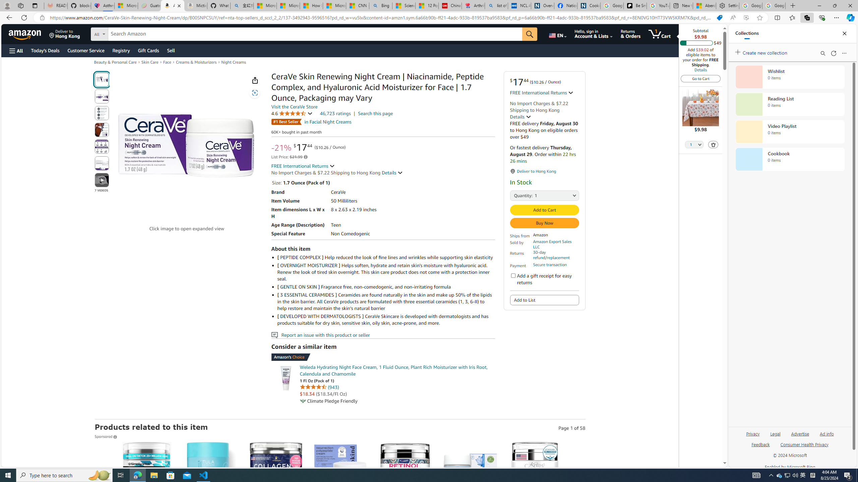  I want to click on 'Amazon', so click(25, 33).